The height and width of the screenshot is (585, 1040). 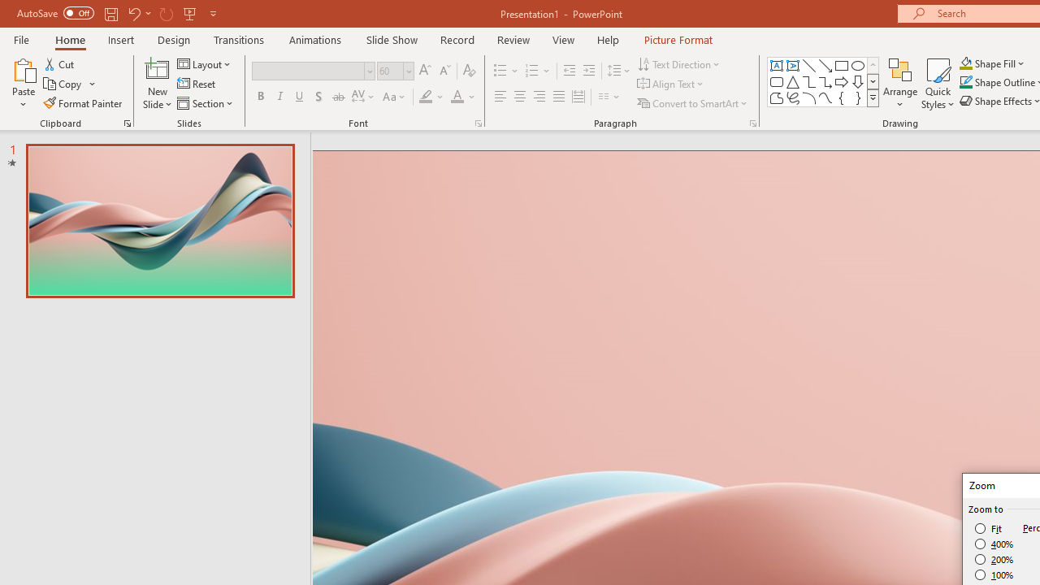 I want to click on 'Picture Format', so click(x=678, y=39).